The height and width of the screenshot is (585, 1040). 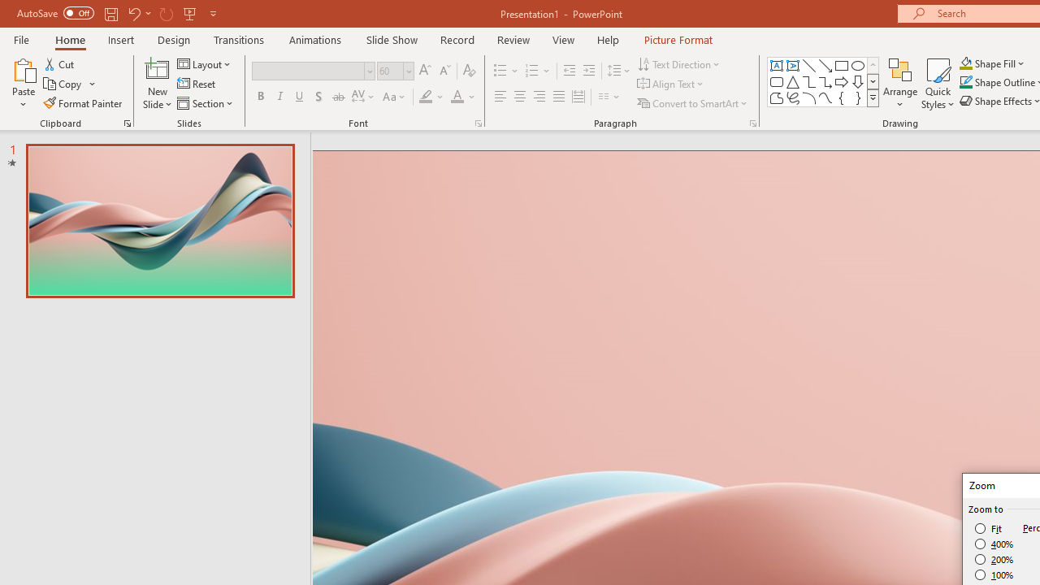 I want to click on 'Picture Format', so click(x=678, y=39).